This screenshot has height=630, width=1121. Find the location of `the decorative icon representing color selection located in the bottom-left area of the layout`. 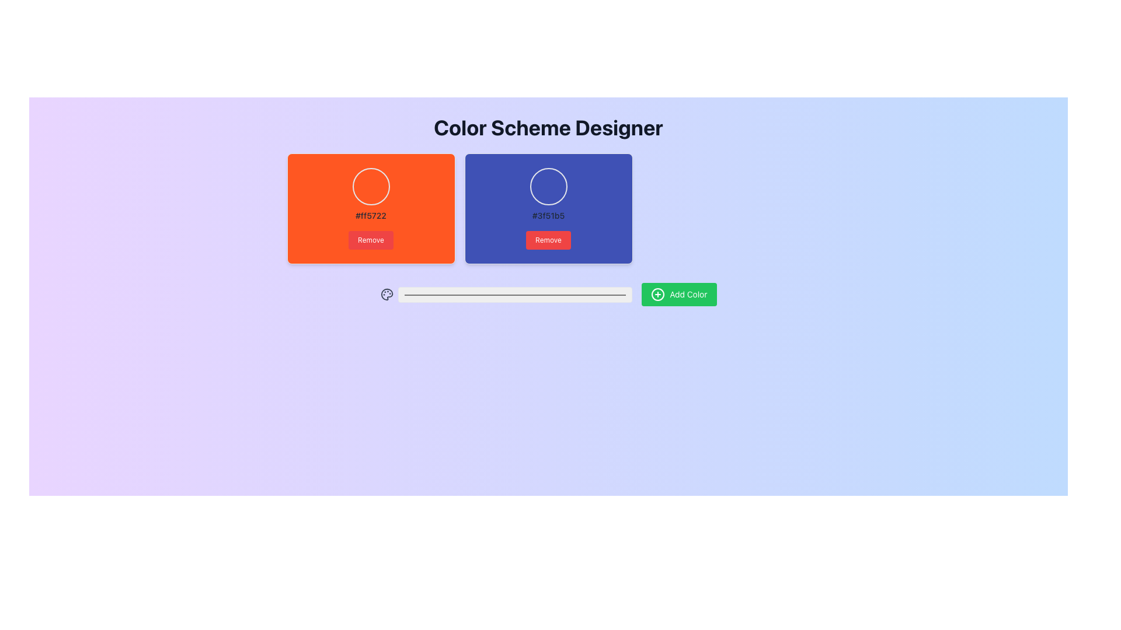

the decorative icon representing color selection located in the bottom-left area of the layout is located at coordinates (387, 294).